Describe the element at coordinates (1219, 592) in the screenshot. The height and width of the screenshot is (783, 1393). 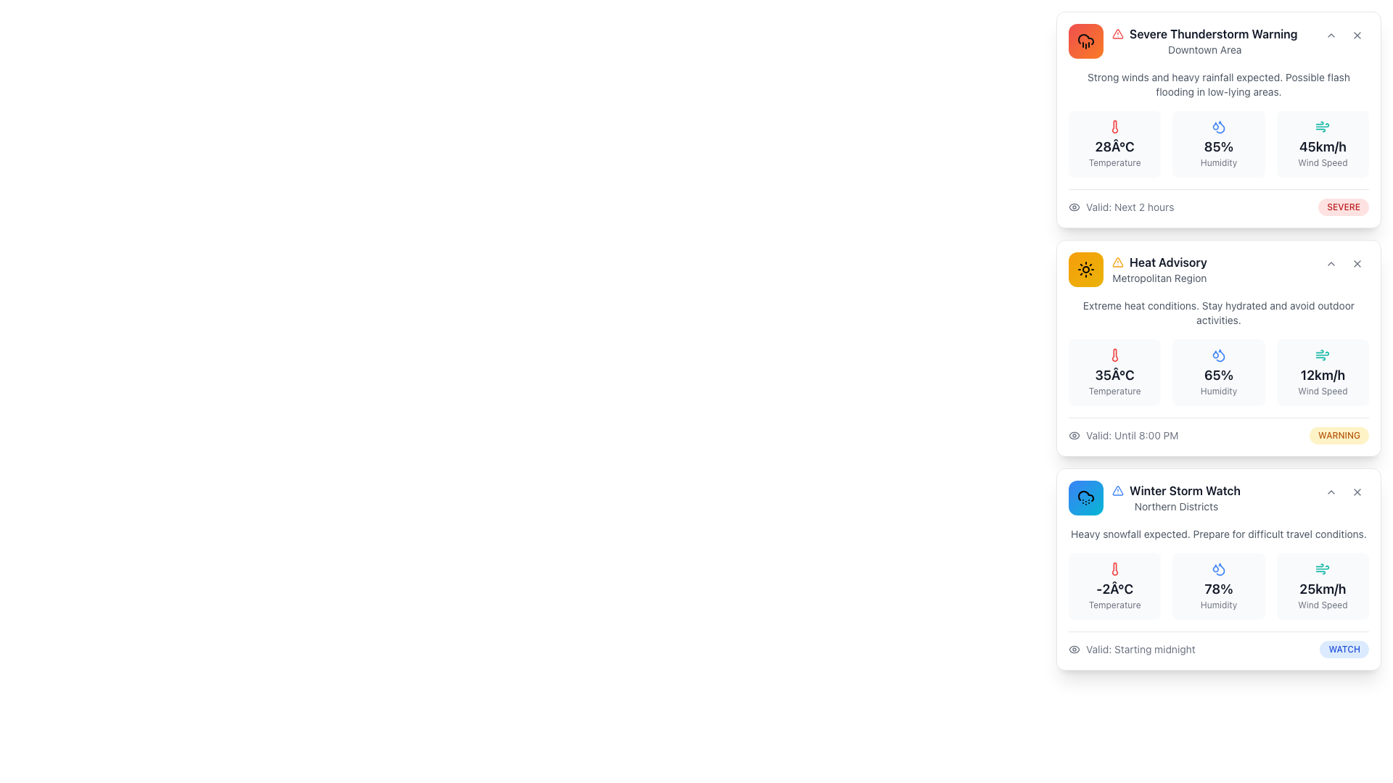
I see `the Information display card showing '78% Humidity' within the weather advisory notification, positioned in the second column between 'Temperature' and 'Wind Speed'` at that location.